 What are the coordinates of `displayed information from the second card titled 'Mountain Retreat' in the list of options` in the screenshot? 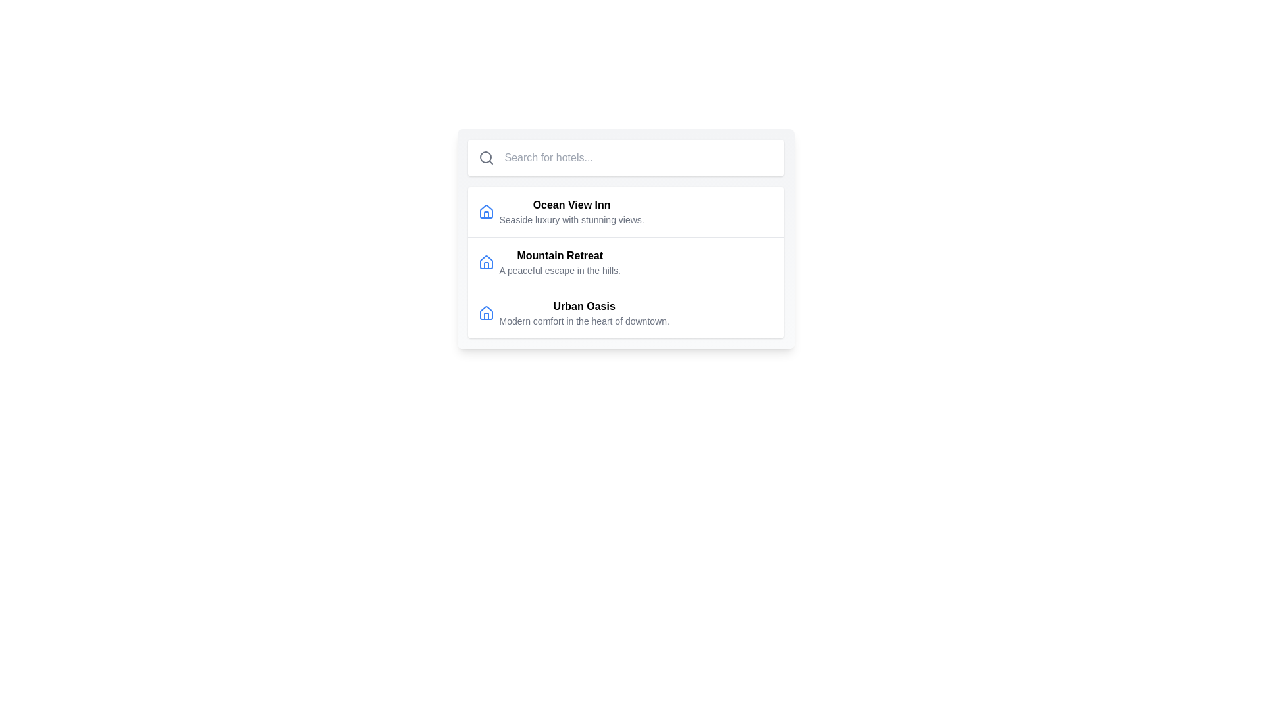 It's located at (625, 238).